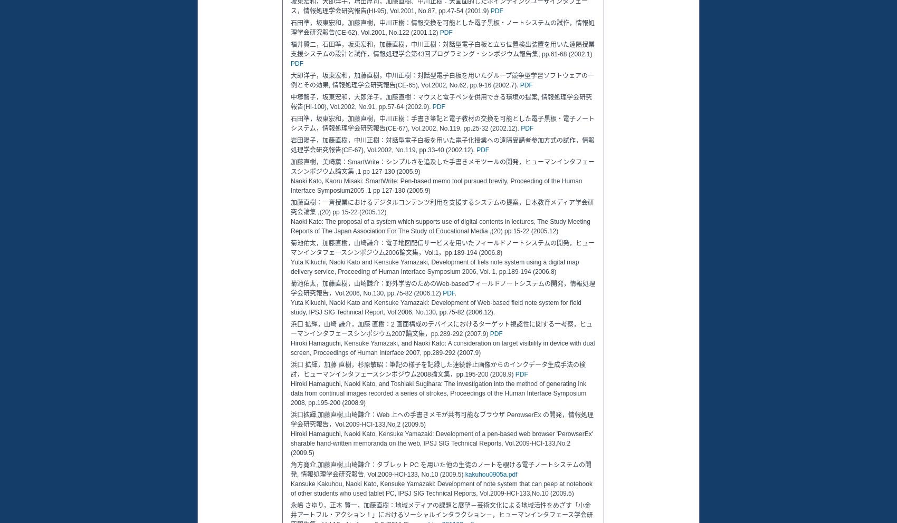 The height and width of the screenshot is (523, 897). I want to click on 'Hiroki Hamaguchi, Naoki Kato, and Toshiaki Sugihara: The investigation into the method of generating ink data from continual images recorded a series of strokes, Proceedings of the Human Interface Symposium 2008, pp.195-200 (2008.9)', so click(290, 393).